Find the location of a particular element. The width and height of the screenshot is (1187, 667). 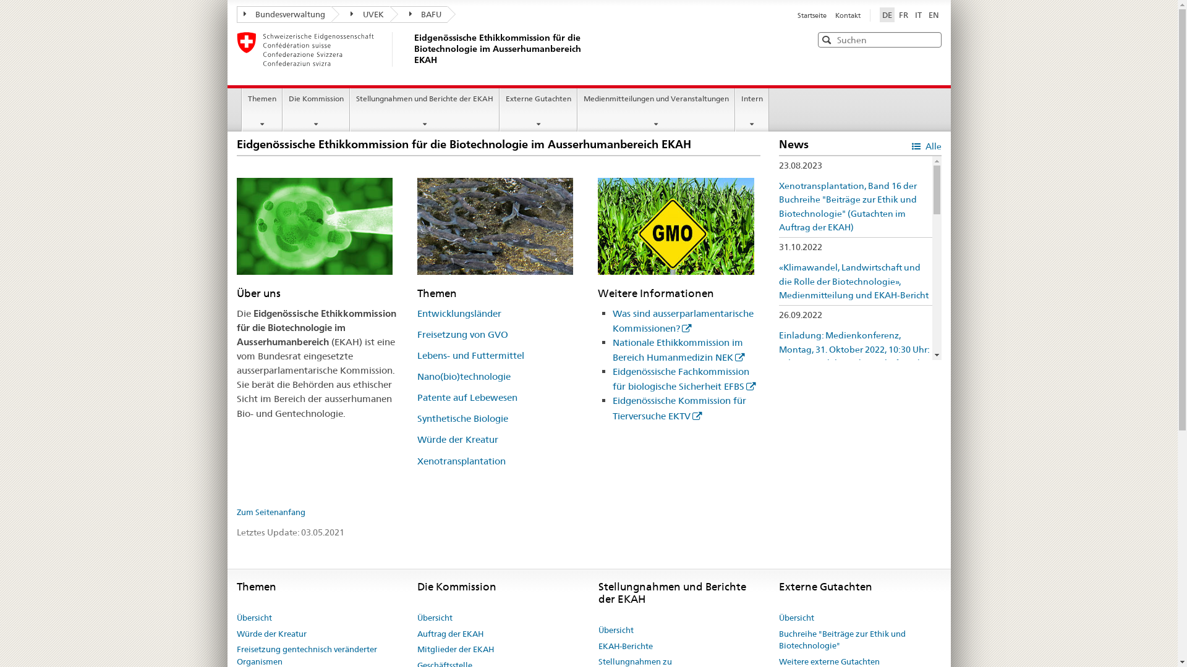

'Themen' is located at coordinates (261, 109).